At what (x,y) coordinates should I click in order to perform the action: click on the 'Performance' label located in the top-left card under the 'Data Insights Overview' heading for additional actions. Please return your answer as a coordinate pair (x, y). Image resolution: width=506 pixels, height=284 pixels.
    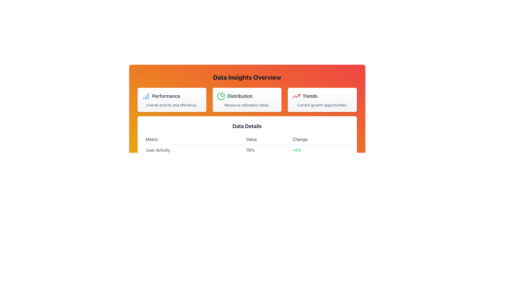
    Looking at the image, I should click on (166, 96).